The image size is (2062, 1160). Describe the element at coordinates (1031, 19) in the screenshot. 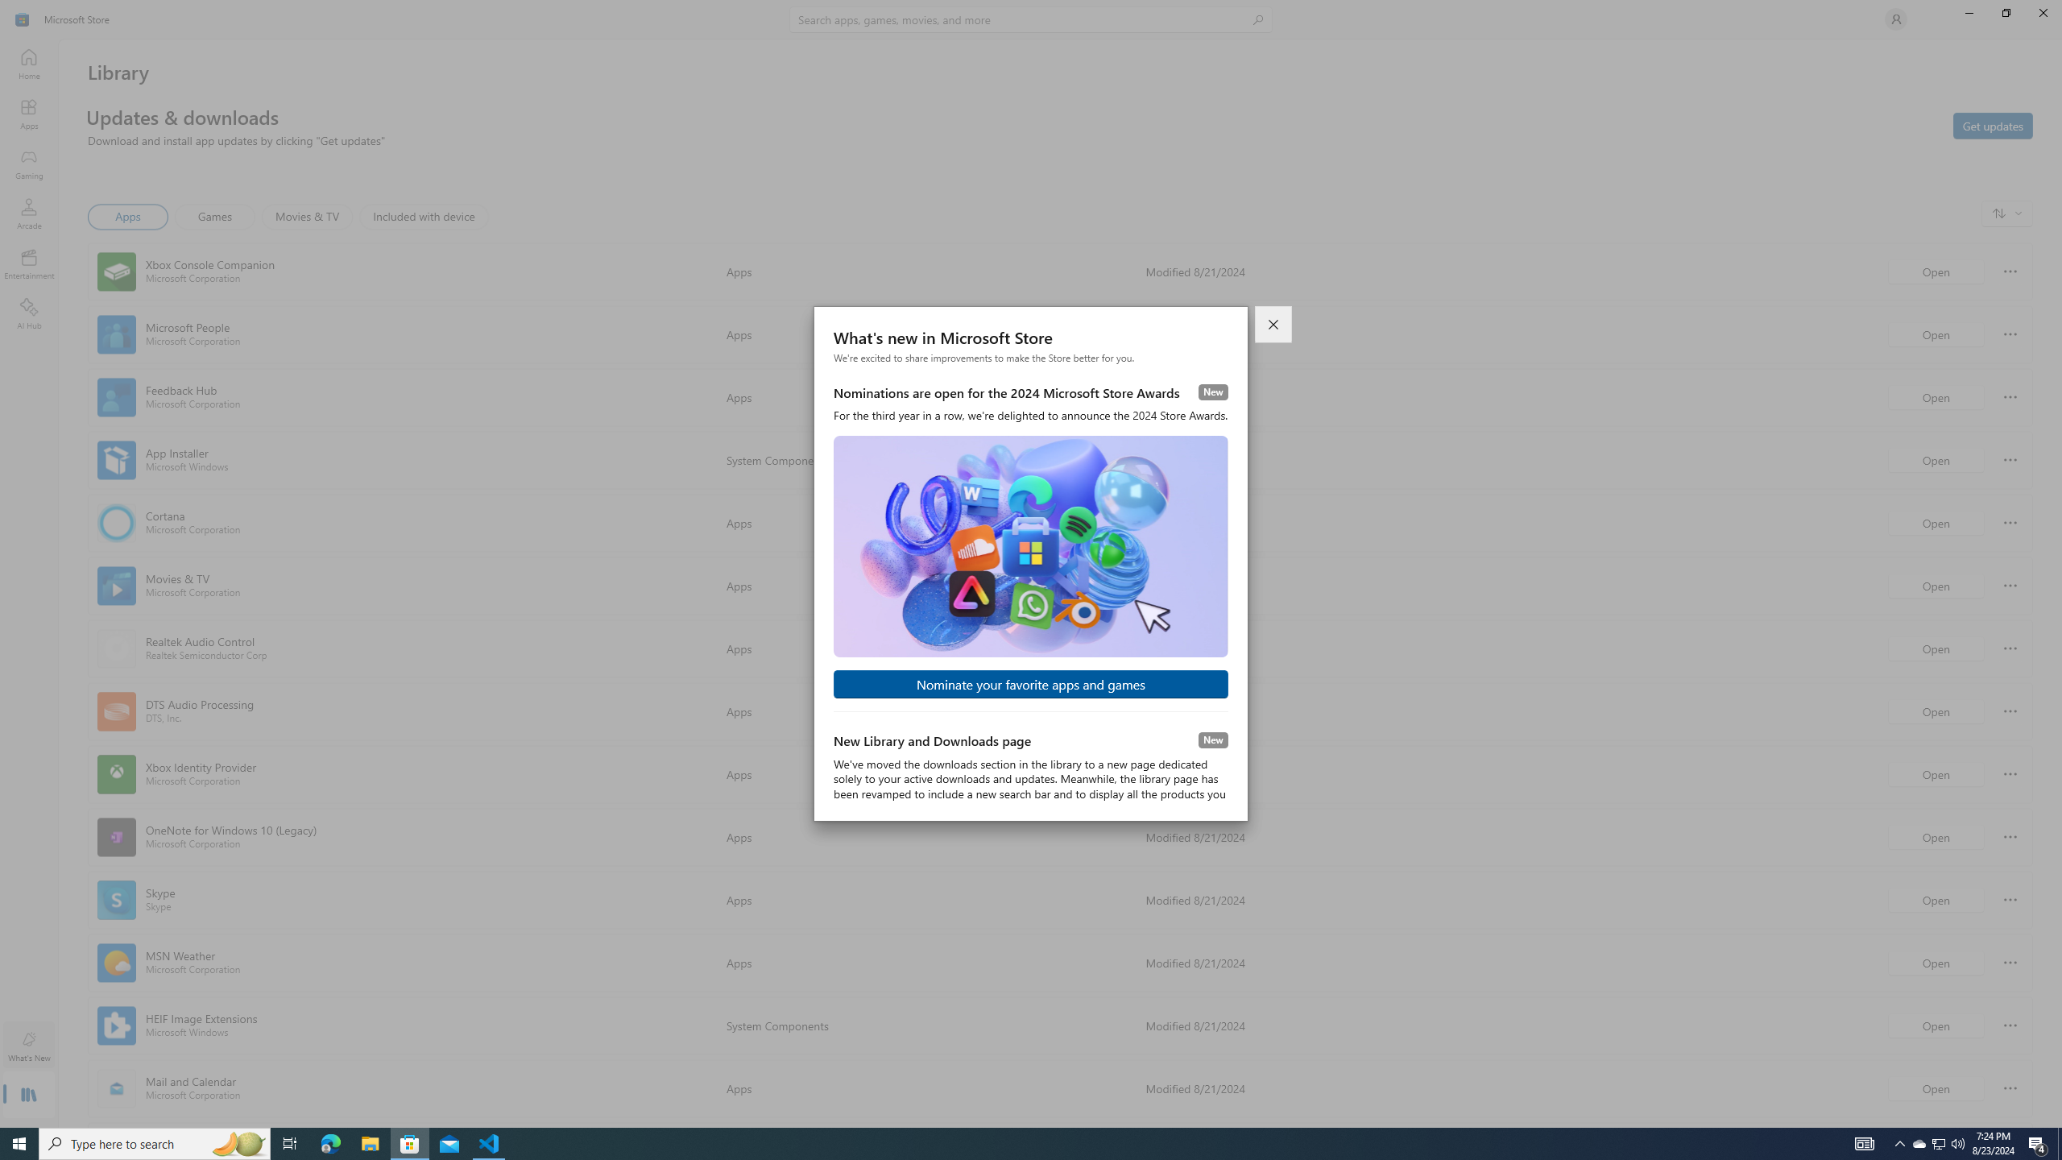

I see `'Search'` at that location.